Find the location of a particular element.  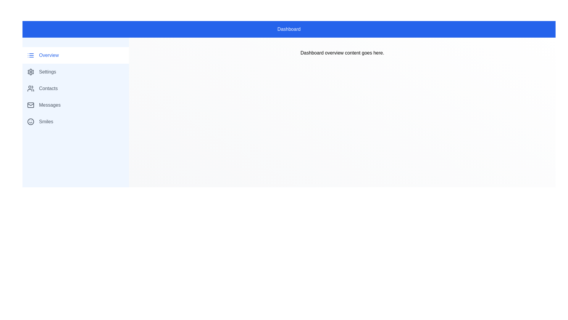

the small blue icon resembling a list with three horizontal lines and circles, located in the sidebar to the left of the 'Overview' text is located at coordinates (30, 55).